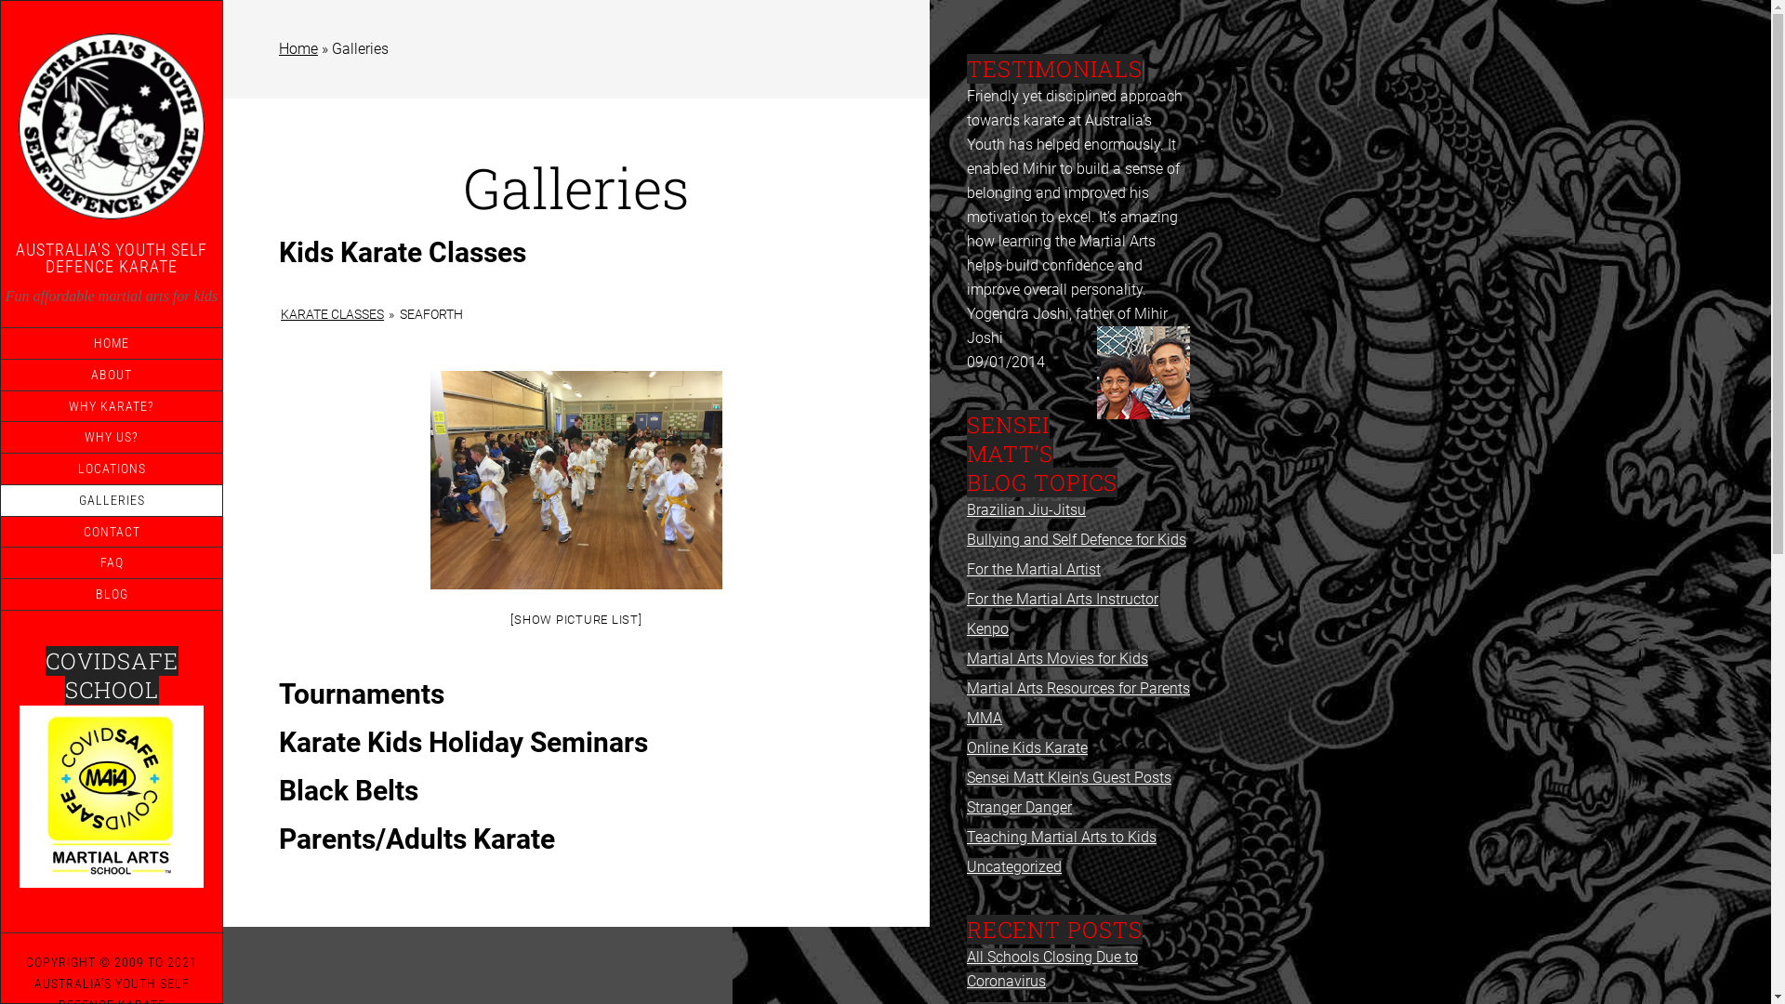 This screenshot has height=1004, width=1785. Describe the element at coordinates (1057, 657) in the screenshot. I see `'Martial Arts Movies for Kids'` at that location.